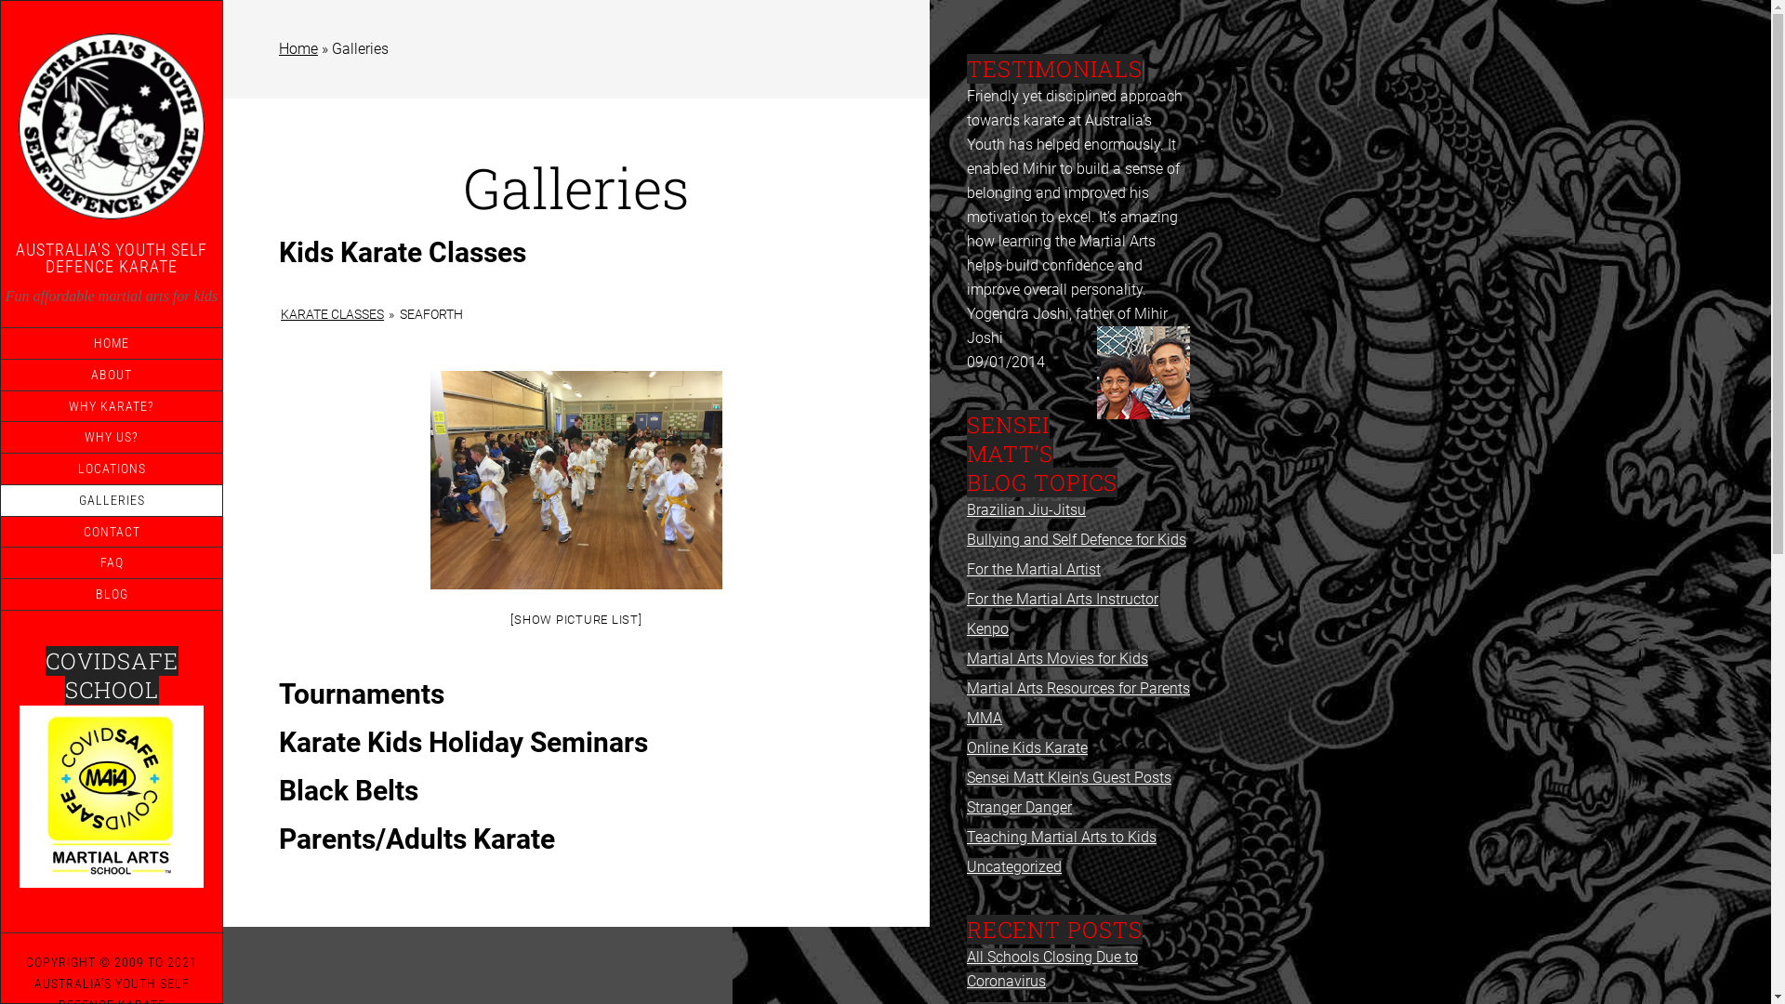 This screenshot has height=1004, width=1785. Describe the element at coordinates (1057, 657) in the screenshot. I see `'Martial Arts Movies for Kids'` at that location.